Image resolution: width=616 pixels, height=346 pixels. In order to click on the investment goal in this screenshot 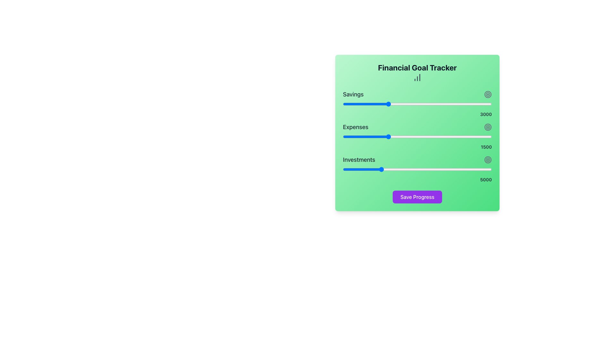, I will do `click(394, 169)`.